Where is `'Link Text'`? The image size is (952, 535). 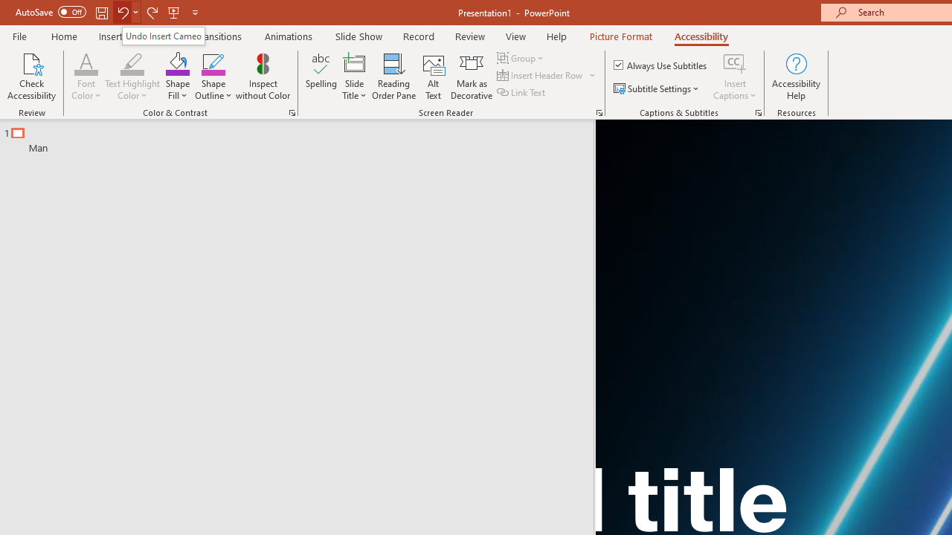 'Link Text' is located at coordinates (522, 92).